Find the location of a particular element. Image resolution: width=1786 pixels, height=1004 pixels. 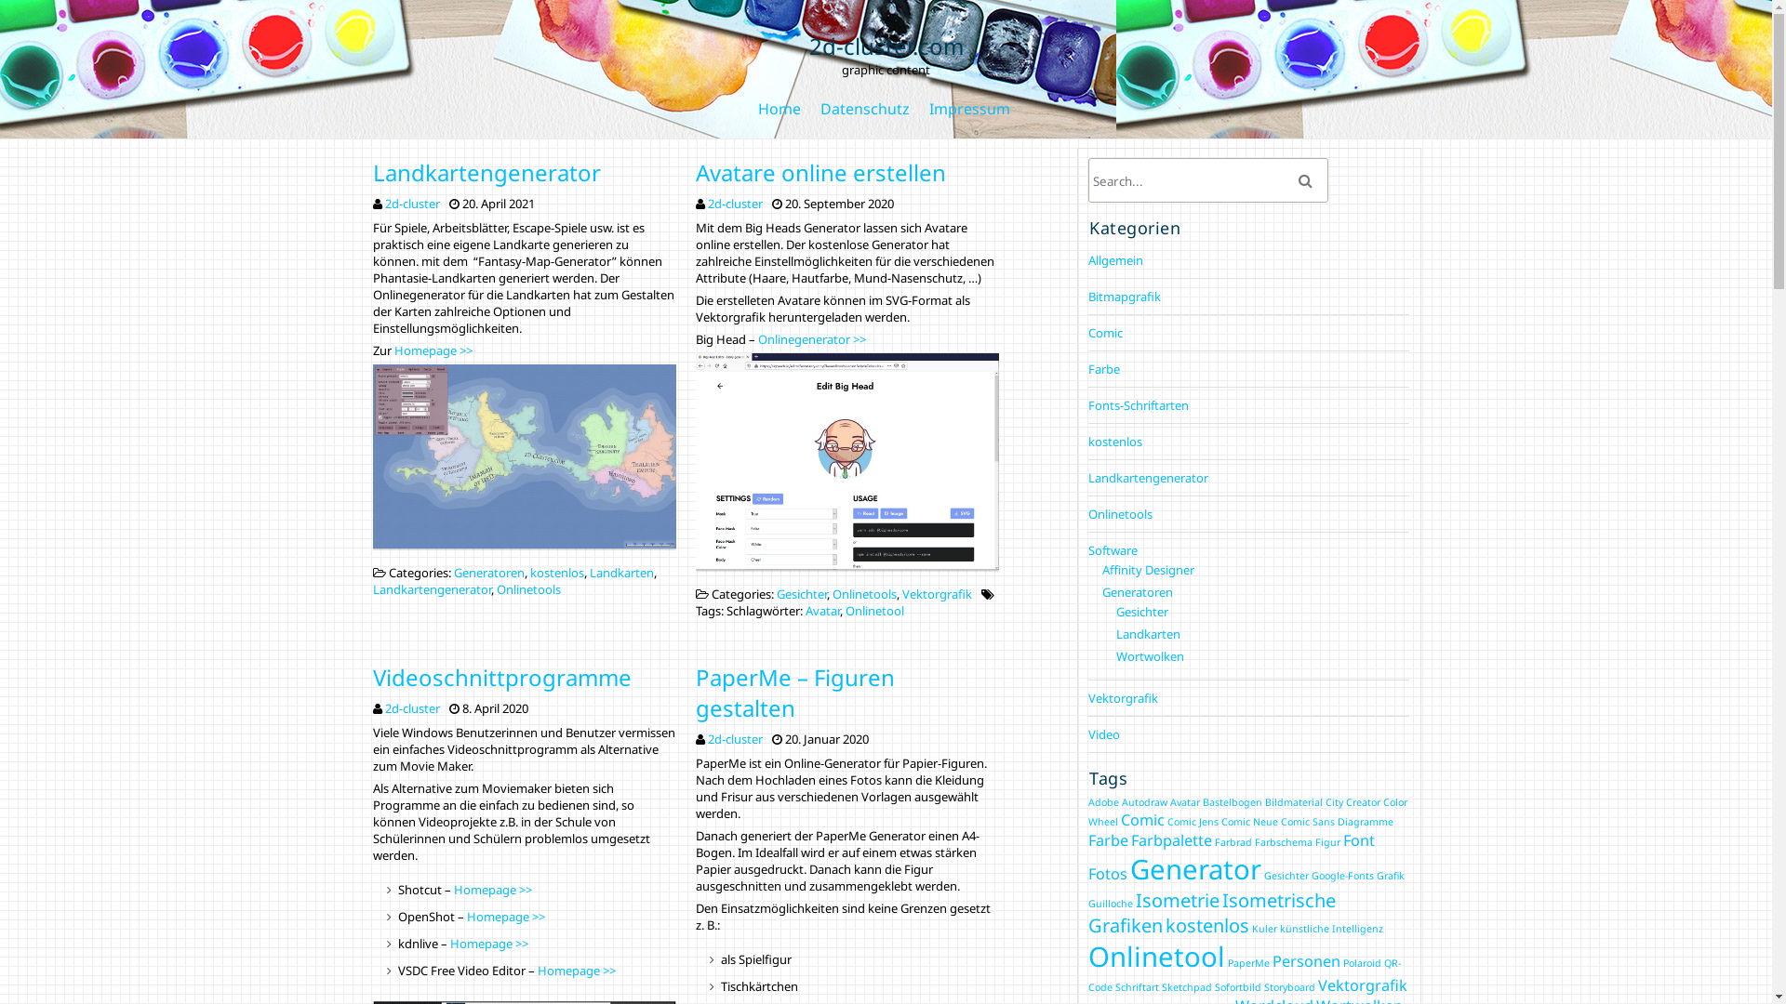

'Fotos' is located at coordinates (1107, 874).